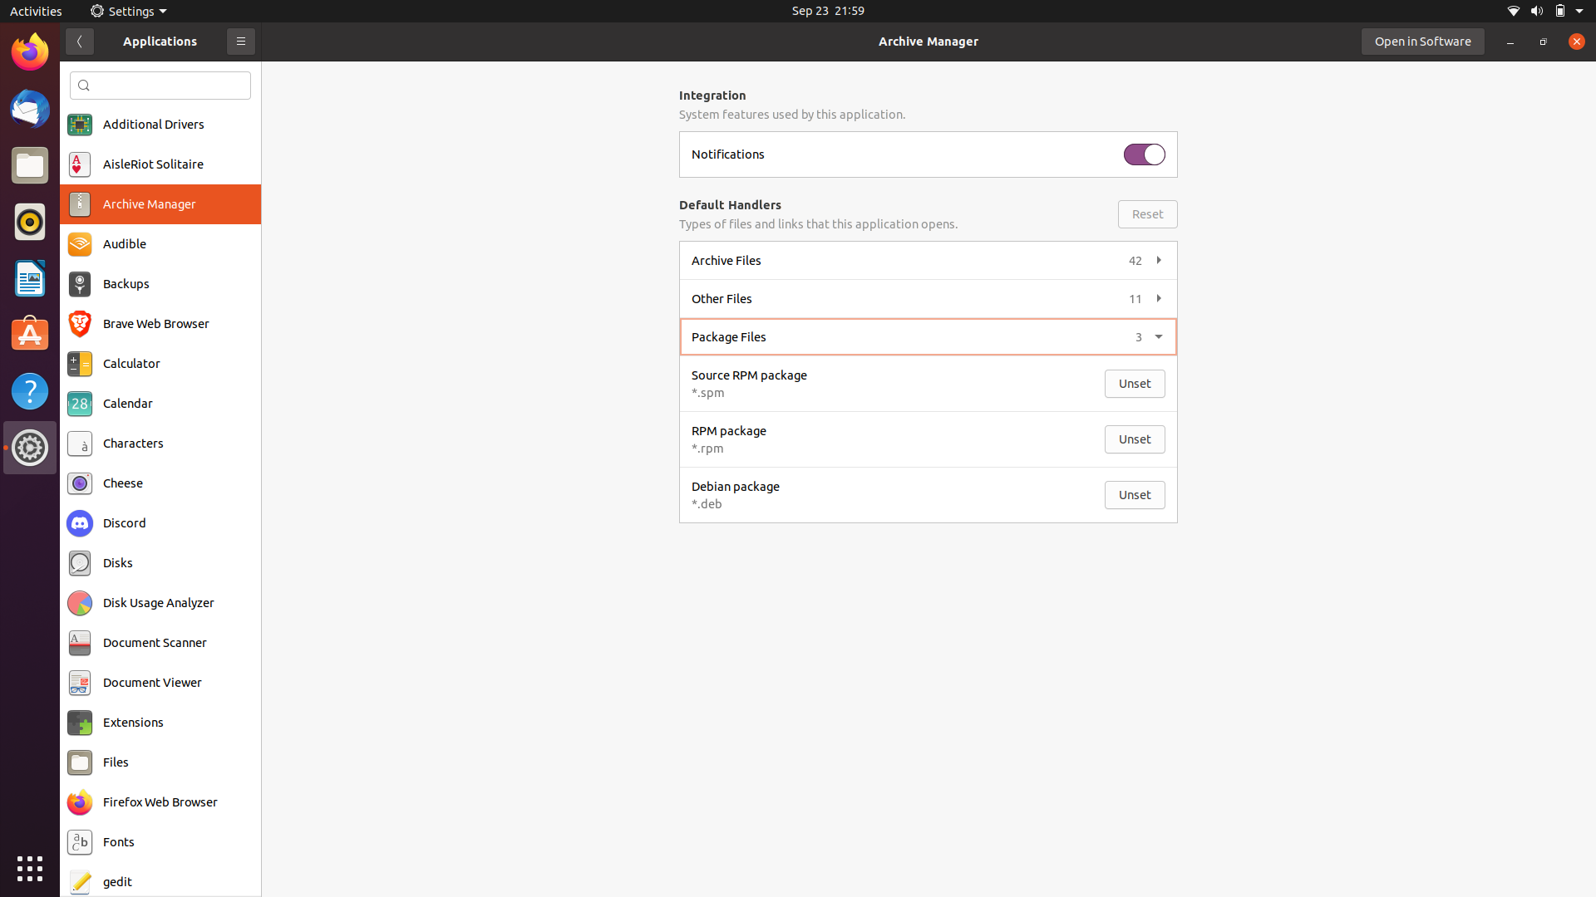 This screenshot has height=897, width=1596. What do you see at coordinates (126, 13) in the screenshot?
I see `Settings` at bounding box center [126, 13].